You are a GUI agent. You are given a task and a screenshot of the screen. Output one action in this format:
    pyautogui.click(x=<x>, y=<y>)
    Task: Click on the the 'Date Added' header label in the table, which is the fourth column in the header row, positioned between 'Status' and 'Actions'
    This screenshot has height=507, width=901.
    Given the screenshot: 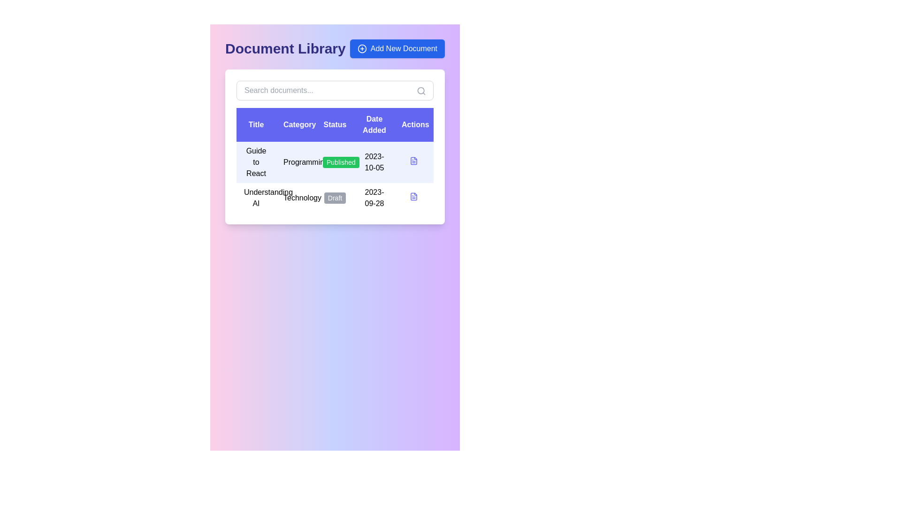 What is the action you would take?
    pyautogui.click(x=374, y=124)
    